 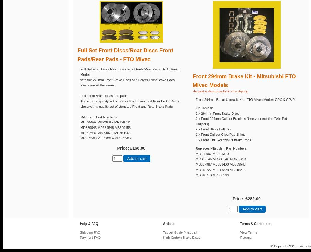 I want to click on 'Front 294mm Brake Upgrade Kit - FTO Mivec Models GPX & GPvR', so click(x=245, y=99).